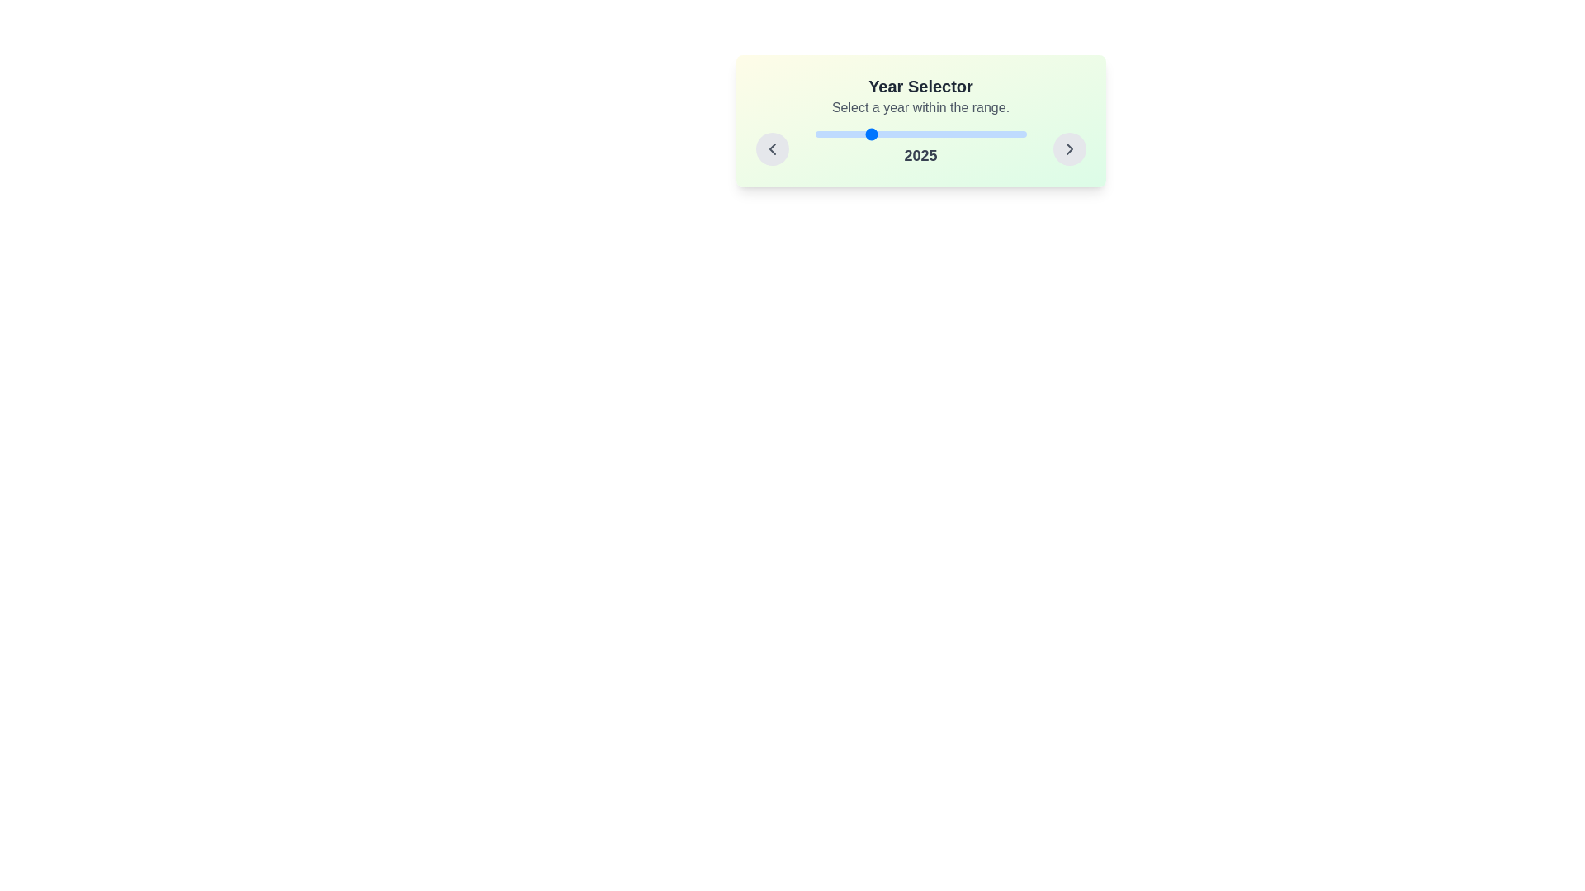  I want to click on the left arrow button to decrease the year, so click(771, 149).